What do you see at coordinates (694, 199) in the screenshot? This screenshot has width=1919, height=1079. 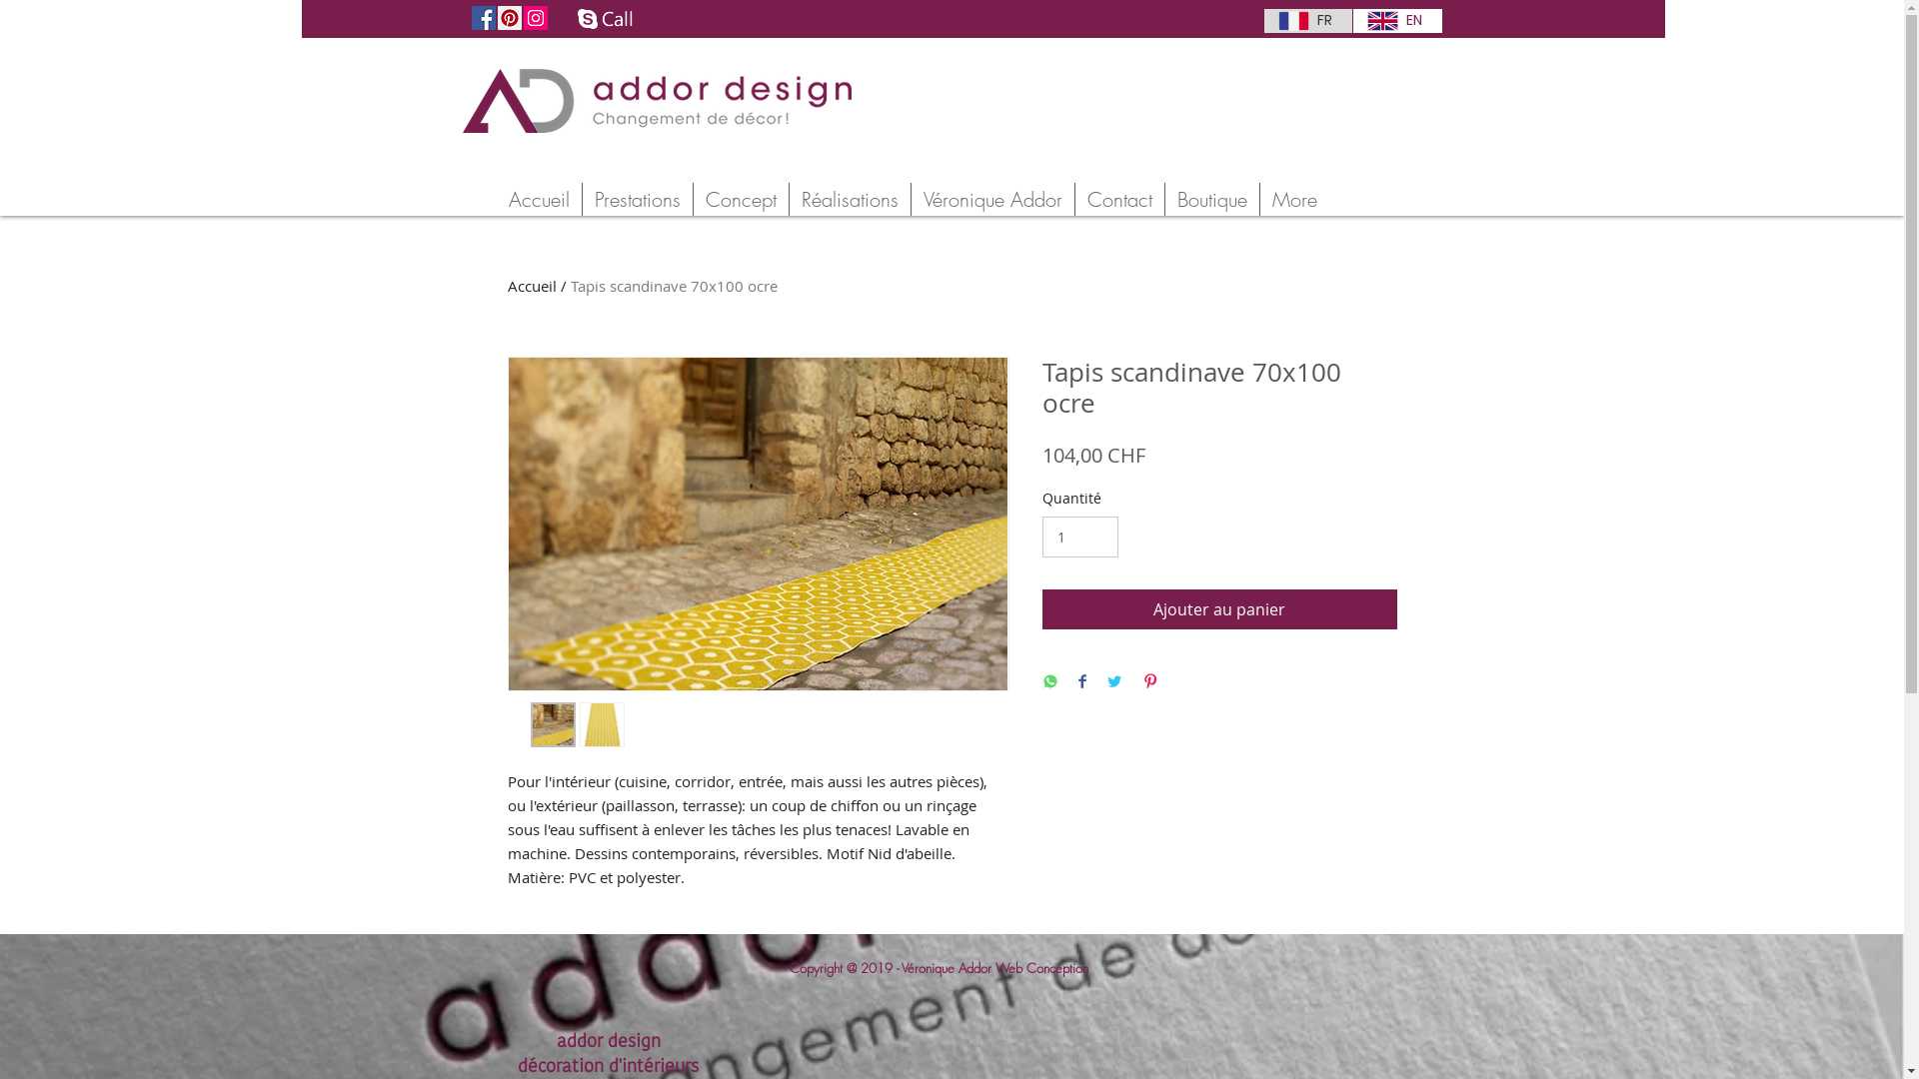 I see `'Concept'` at bounding box center [694, 199].